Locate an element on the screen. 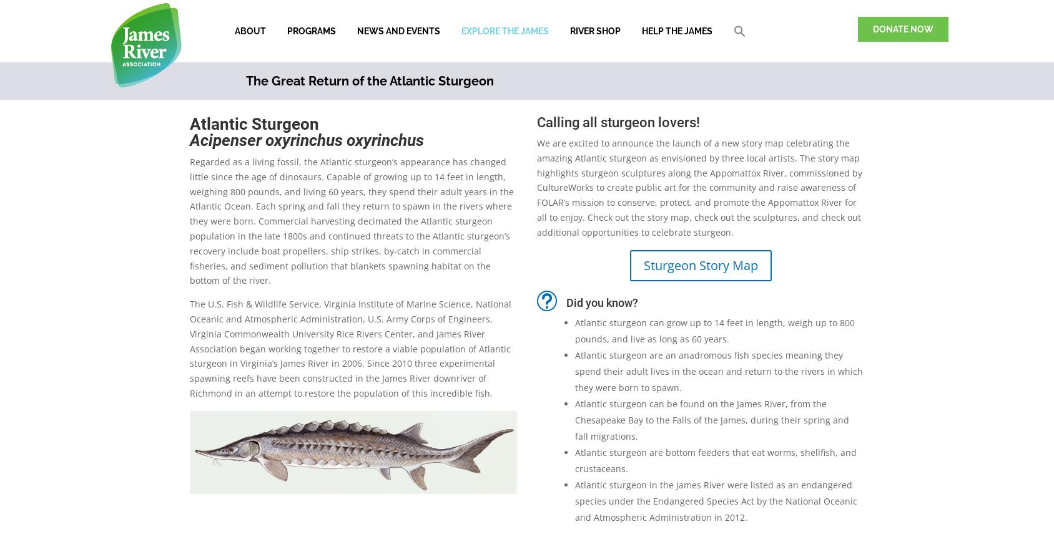 Image resolution: width=1054 pixels, height=537 pixels. 'lovers!' is located at coordinates (677, 122).